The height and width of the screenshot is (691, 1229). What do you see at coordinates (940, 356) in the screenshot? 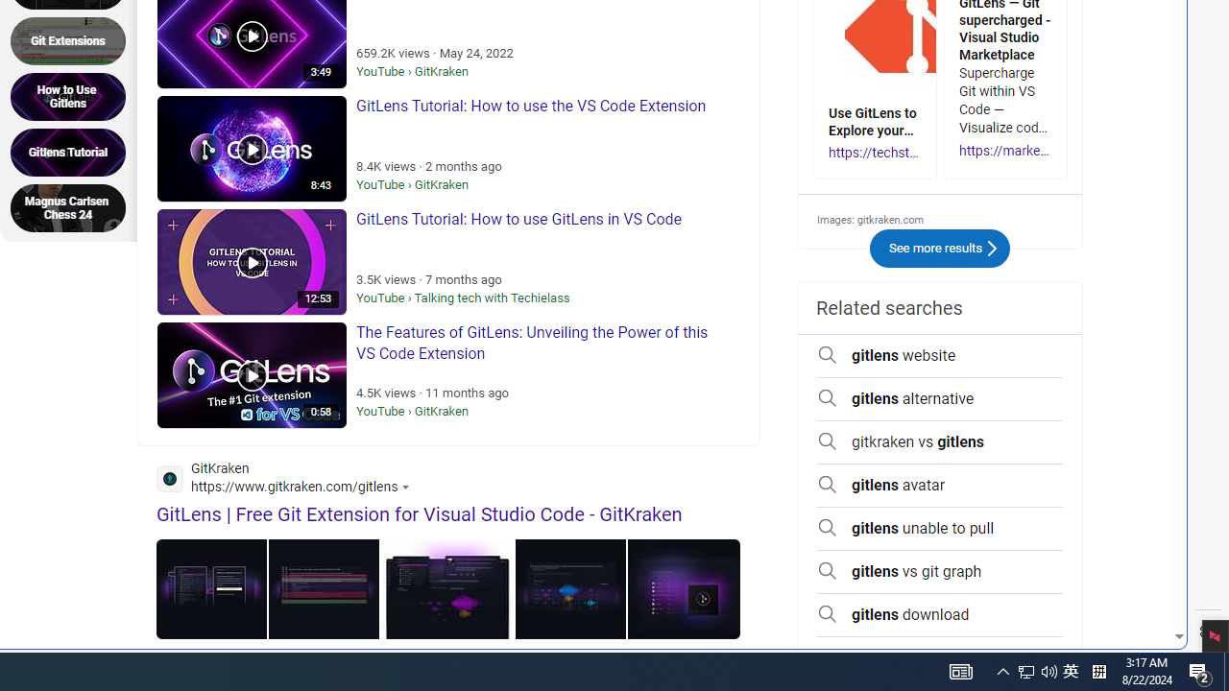
I see `'gitlens website'` at bounding box center [940, 356].